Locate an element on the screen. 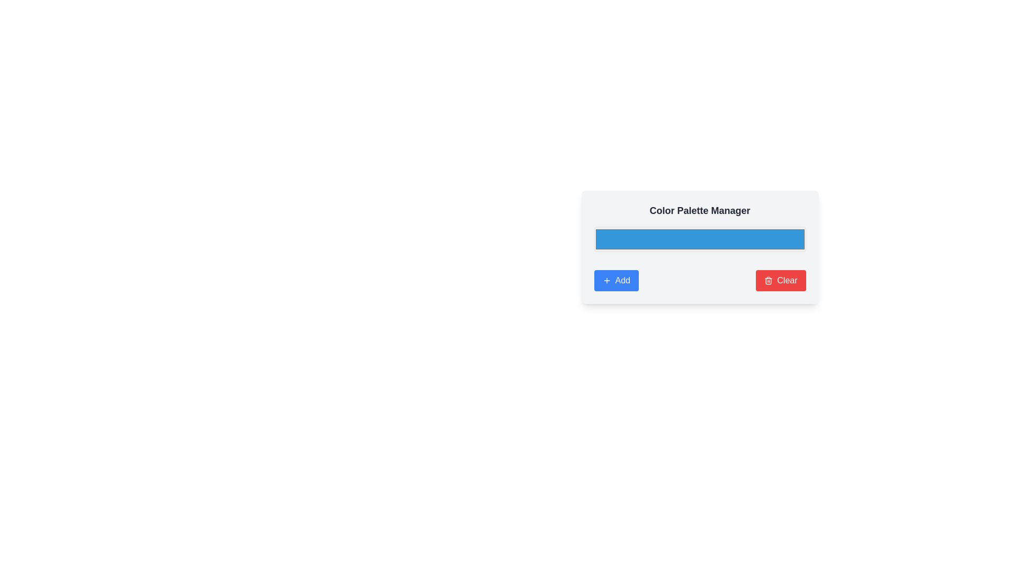 The image size is (1017, 572). on the light blue Color input field located below the 'Color Palette Manager' title is located at coordinates (700, 247).